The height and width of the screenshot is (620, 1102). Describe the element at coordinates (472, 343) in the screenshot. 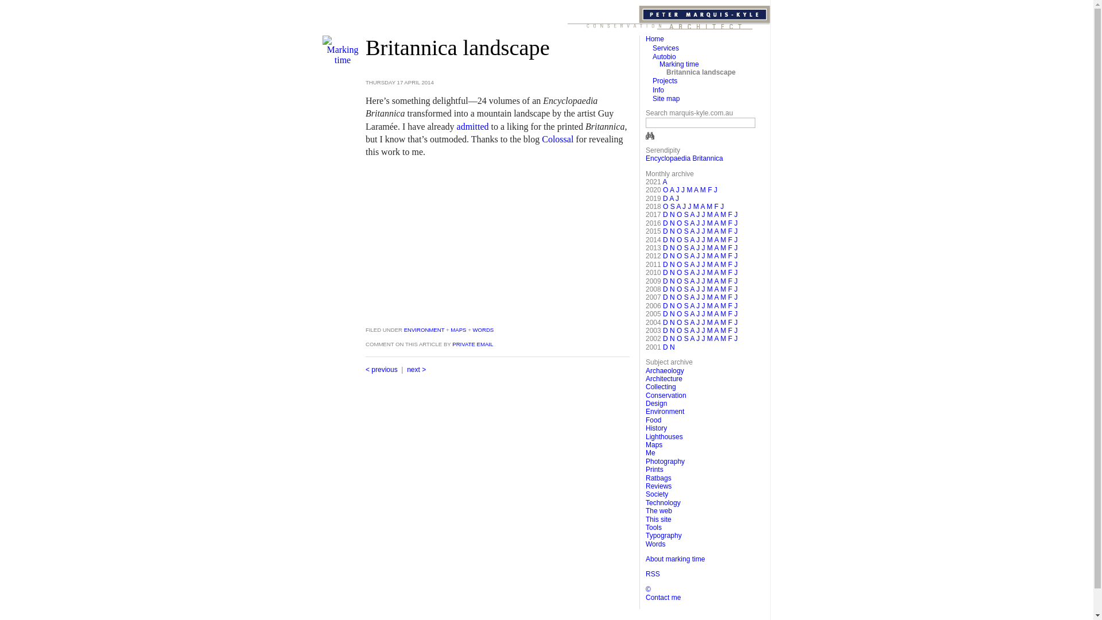

I see `'PRIVATE EMAIL'` at that location.